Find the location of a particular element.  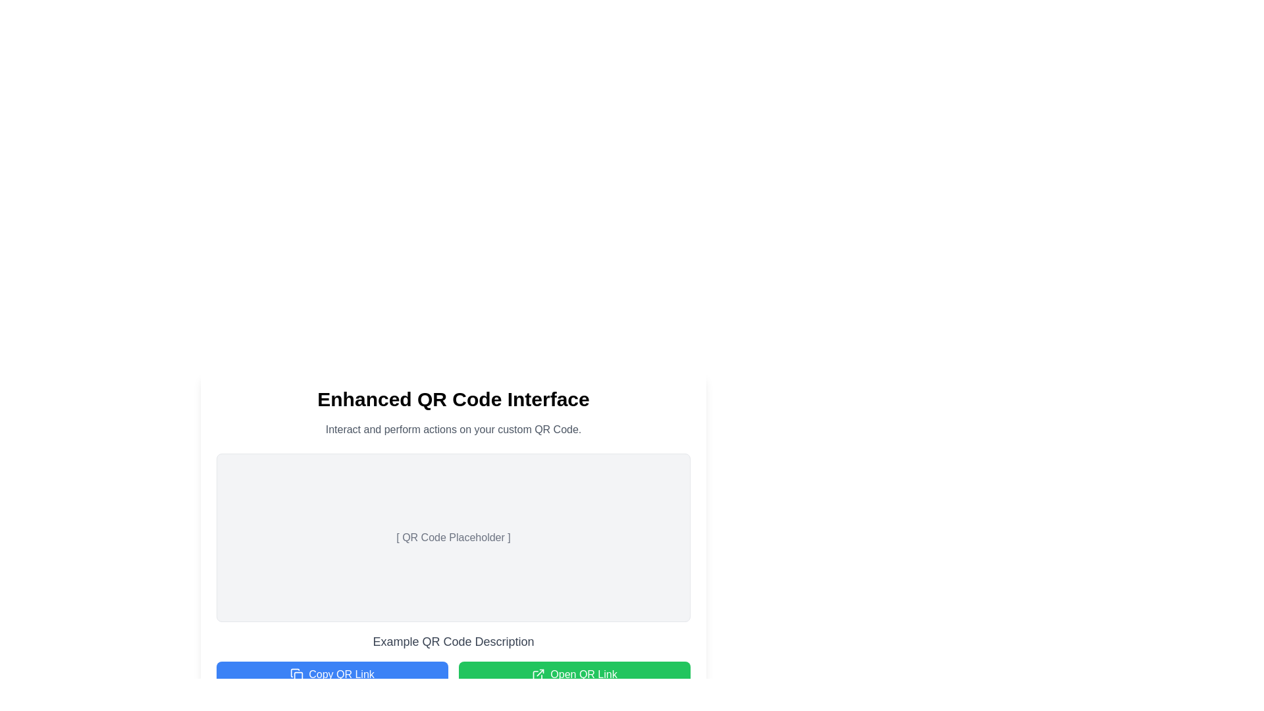

the button located in the second position of a two-column grid at the bottom of the interface is located at coordinates (575, 675).